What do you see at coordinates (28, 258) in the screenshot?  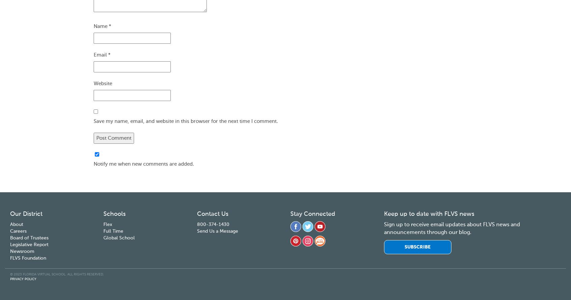 I see `'FLVS Foundation'` at bounding box center [28, 258].